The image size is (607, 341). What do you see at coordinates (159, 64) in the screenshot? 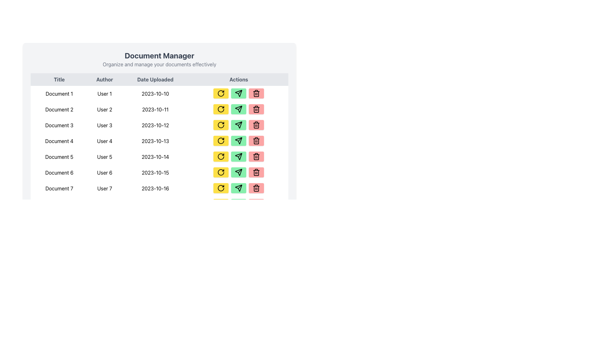
I see `the light gray text displaying 'Organize and manage your documents effectively,' which is positioned directly beneath the bold title 'Document Manager.'` at bounding box center [159, 64].